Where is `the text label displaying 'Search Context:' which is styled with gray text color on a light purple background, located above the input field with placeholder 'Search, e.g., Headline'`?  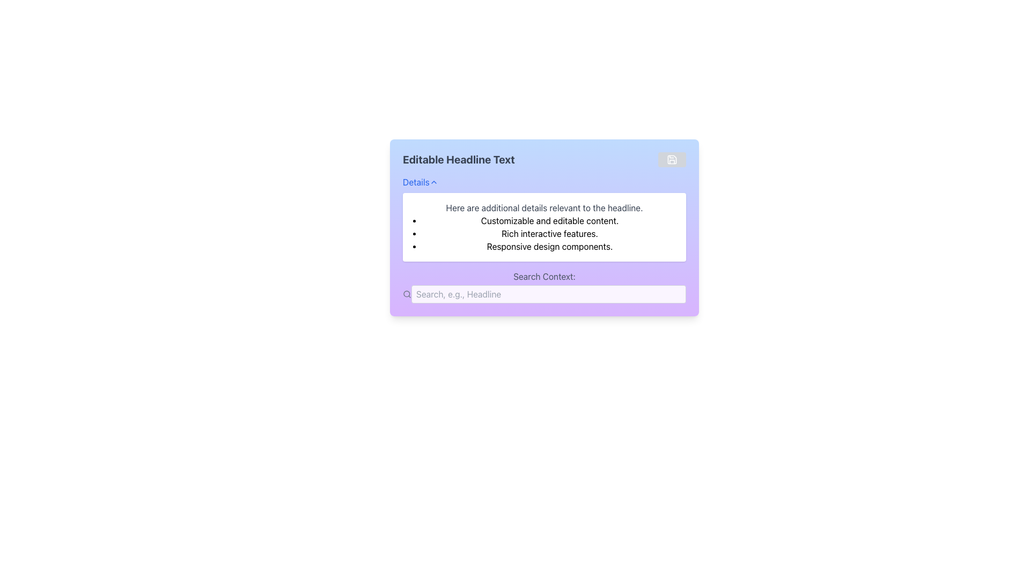 the text label displaying 'Search Context:' which is styled with gray text color on a light purple background, located above the input field with placeholder 'Search, e.g., Headline' is located at coordinates (544, 276).